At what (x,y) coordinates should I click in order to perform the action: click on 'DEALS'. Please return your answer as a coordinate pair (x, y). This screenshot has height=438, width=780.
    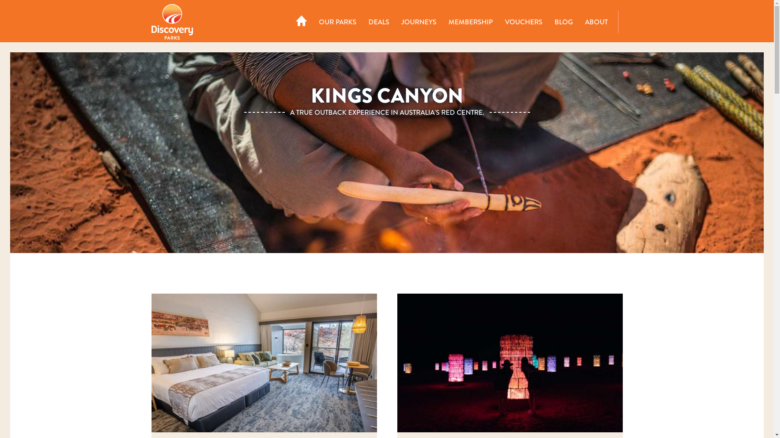
    Looking at the image, I should click on (378, 21).